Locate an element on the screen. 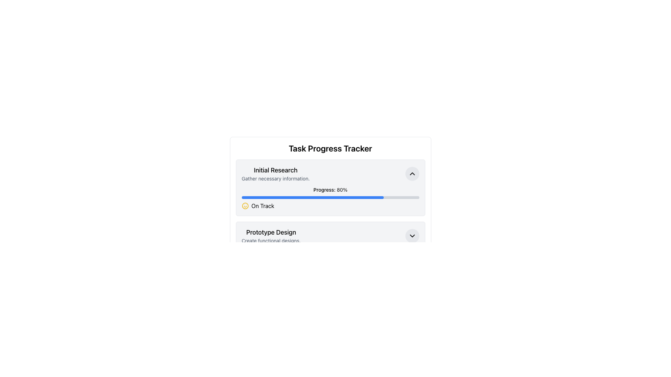 The height and width of the screenshot is (377, 671). the Text Label with Icon indicating progress status, located left of 'On Track' in the 'Progress: 80%' section is located at coordinates (330, 206).